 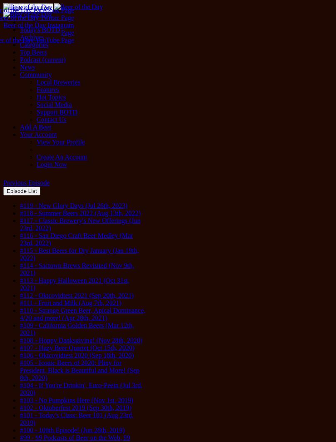 What do you see at coordinates (74, 284) in the screenshot?
I see `'#113 - Happy Halloween 2021 (Oct 31st, 2021)'` at bounding box center [74, 284].